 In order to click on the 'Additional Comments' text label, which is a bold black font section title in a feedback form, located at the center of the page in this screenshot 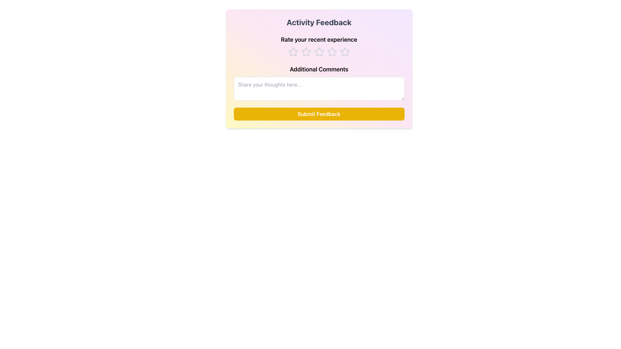, I will do `click(319, 69)`.